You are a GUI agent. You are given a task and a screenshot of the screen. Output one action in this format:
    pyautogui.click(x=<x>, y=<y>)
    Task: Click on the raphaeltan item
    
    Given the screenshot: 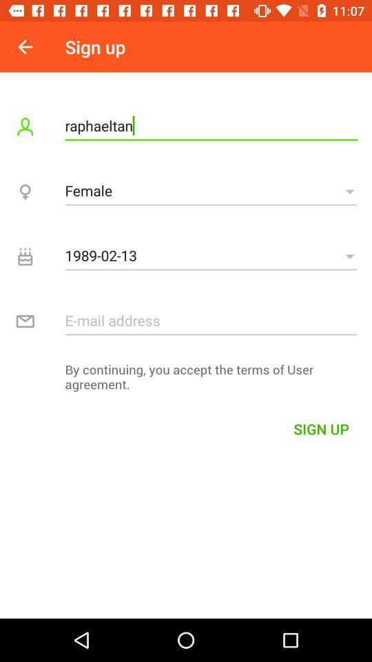 What is the action you would take?
    pyautogui.click(x=211, y=126)
    